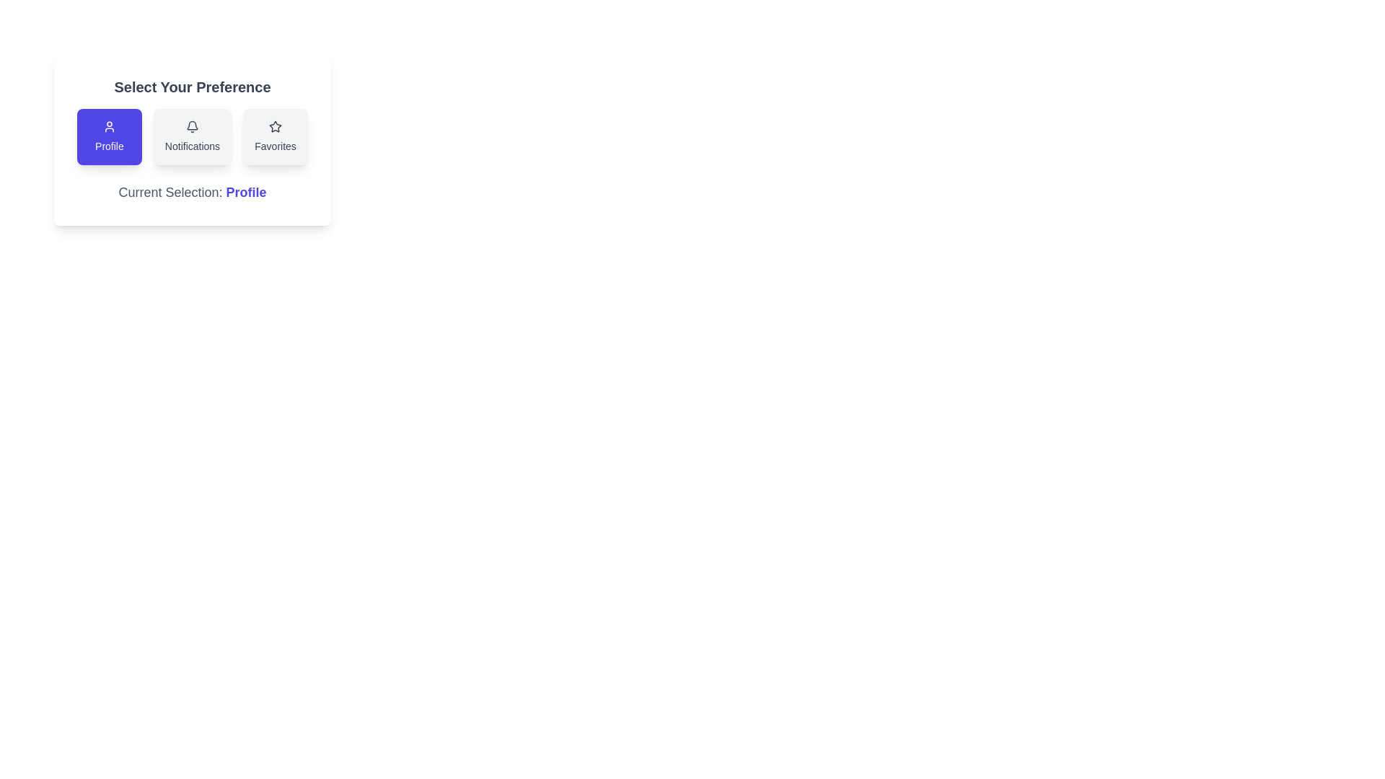  I want to click on the Notification card, which visually represents notifications and is the second item in a three-part selectable card layout under the 'Select Your Preference' heading, so click(192, 126).